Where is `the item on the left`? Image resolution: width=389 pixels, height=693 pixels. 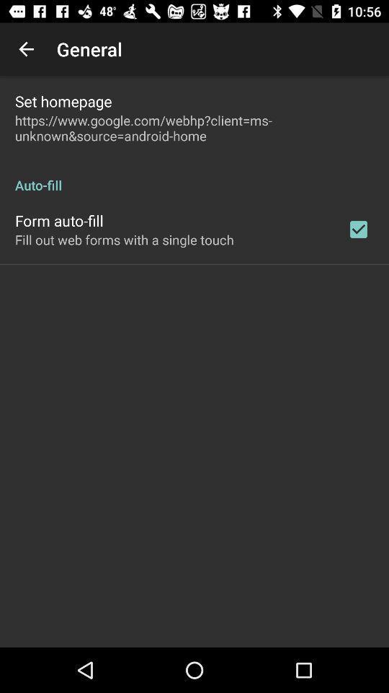
the item on the left is located at coordinates (124, 240).